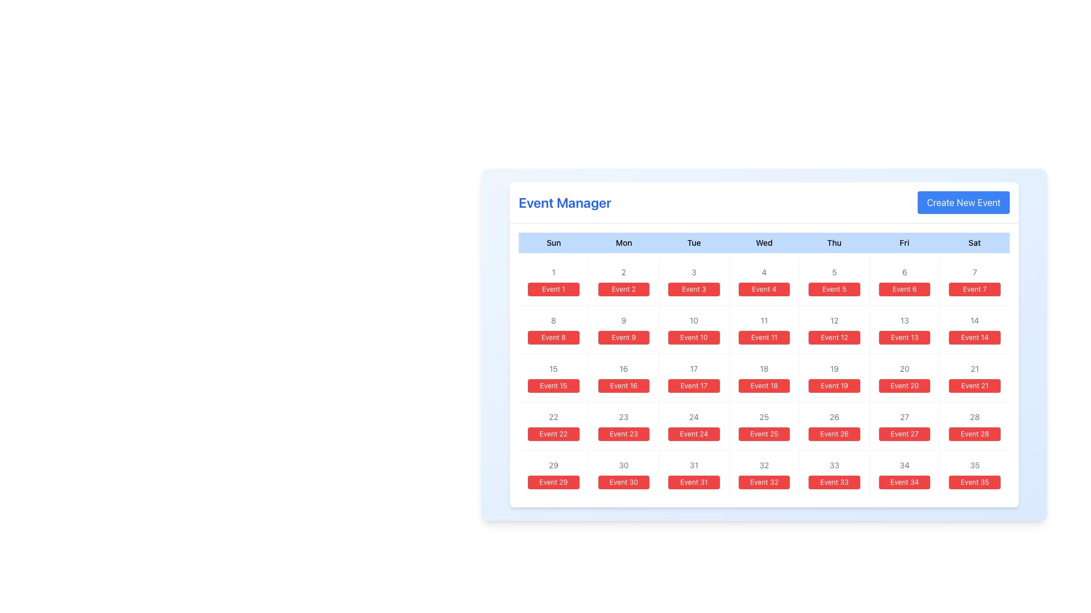 The image size is (1091, 613). I want to click on the small text label displaying the number '7' in gray color, which is positioned above the red button labeled 'Event 7' in the calendar interface, so click(974, 272).